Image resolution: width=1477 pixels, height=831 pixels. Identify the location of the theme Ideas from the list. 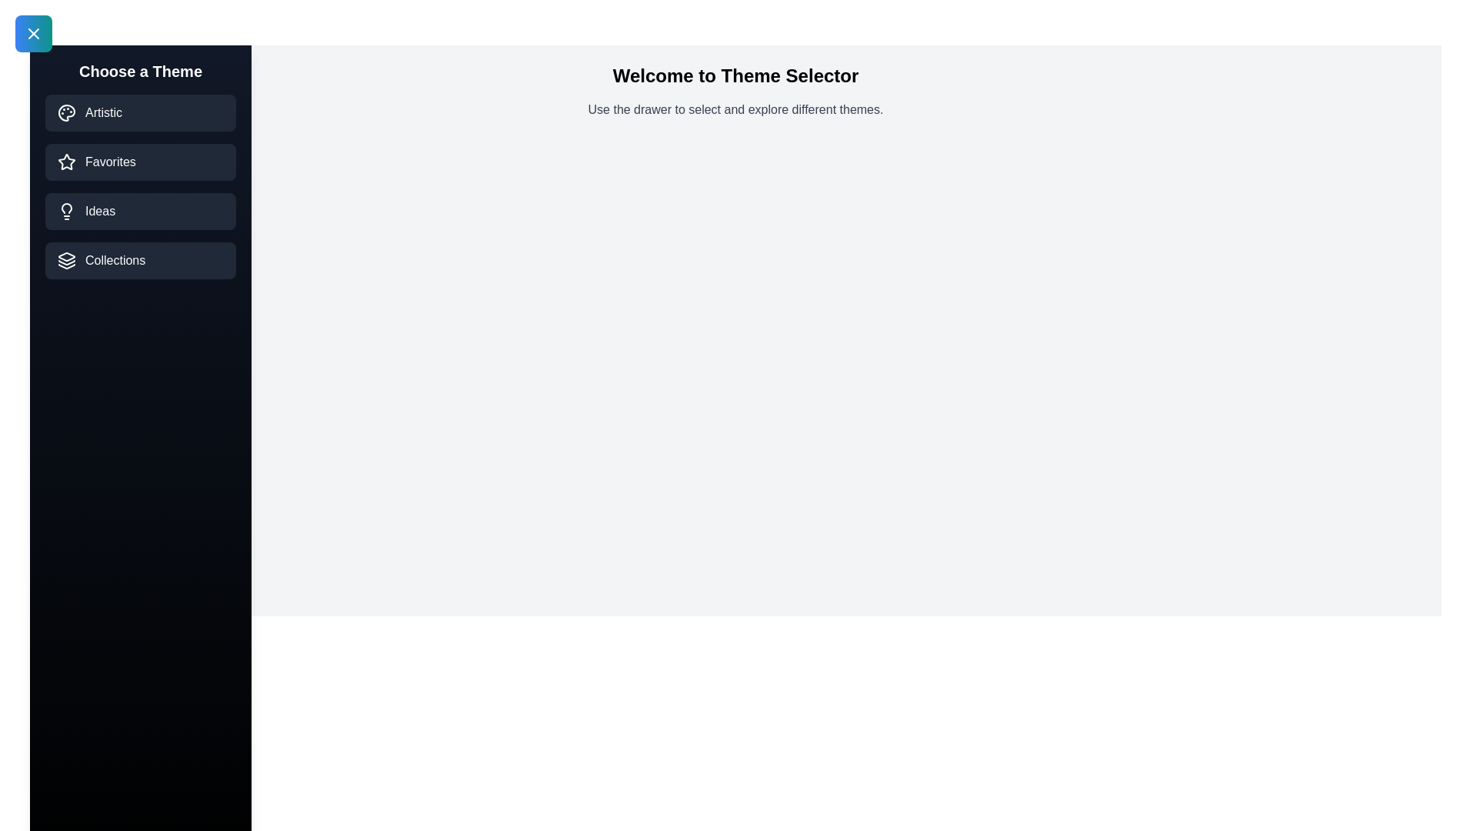
(140, 211).